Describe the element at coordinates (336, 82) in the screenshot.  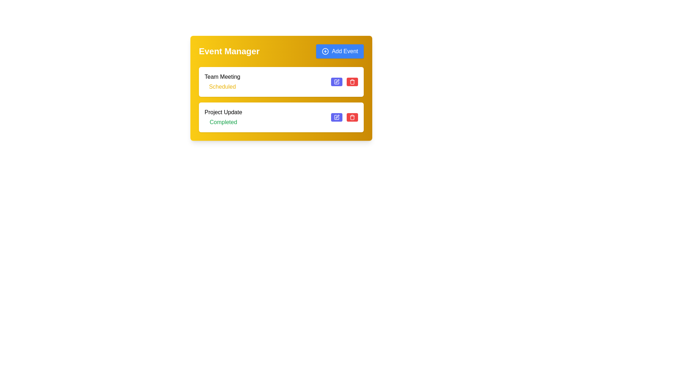
I see `the square-shaped icon button with a pen inside, which is styled with a purple background and positioned to the left of a red trash icon in the 'Project Update' list item` at that location.